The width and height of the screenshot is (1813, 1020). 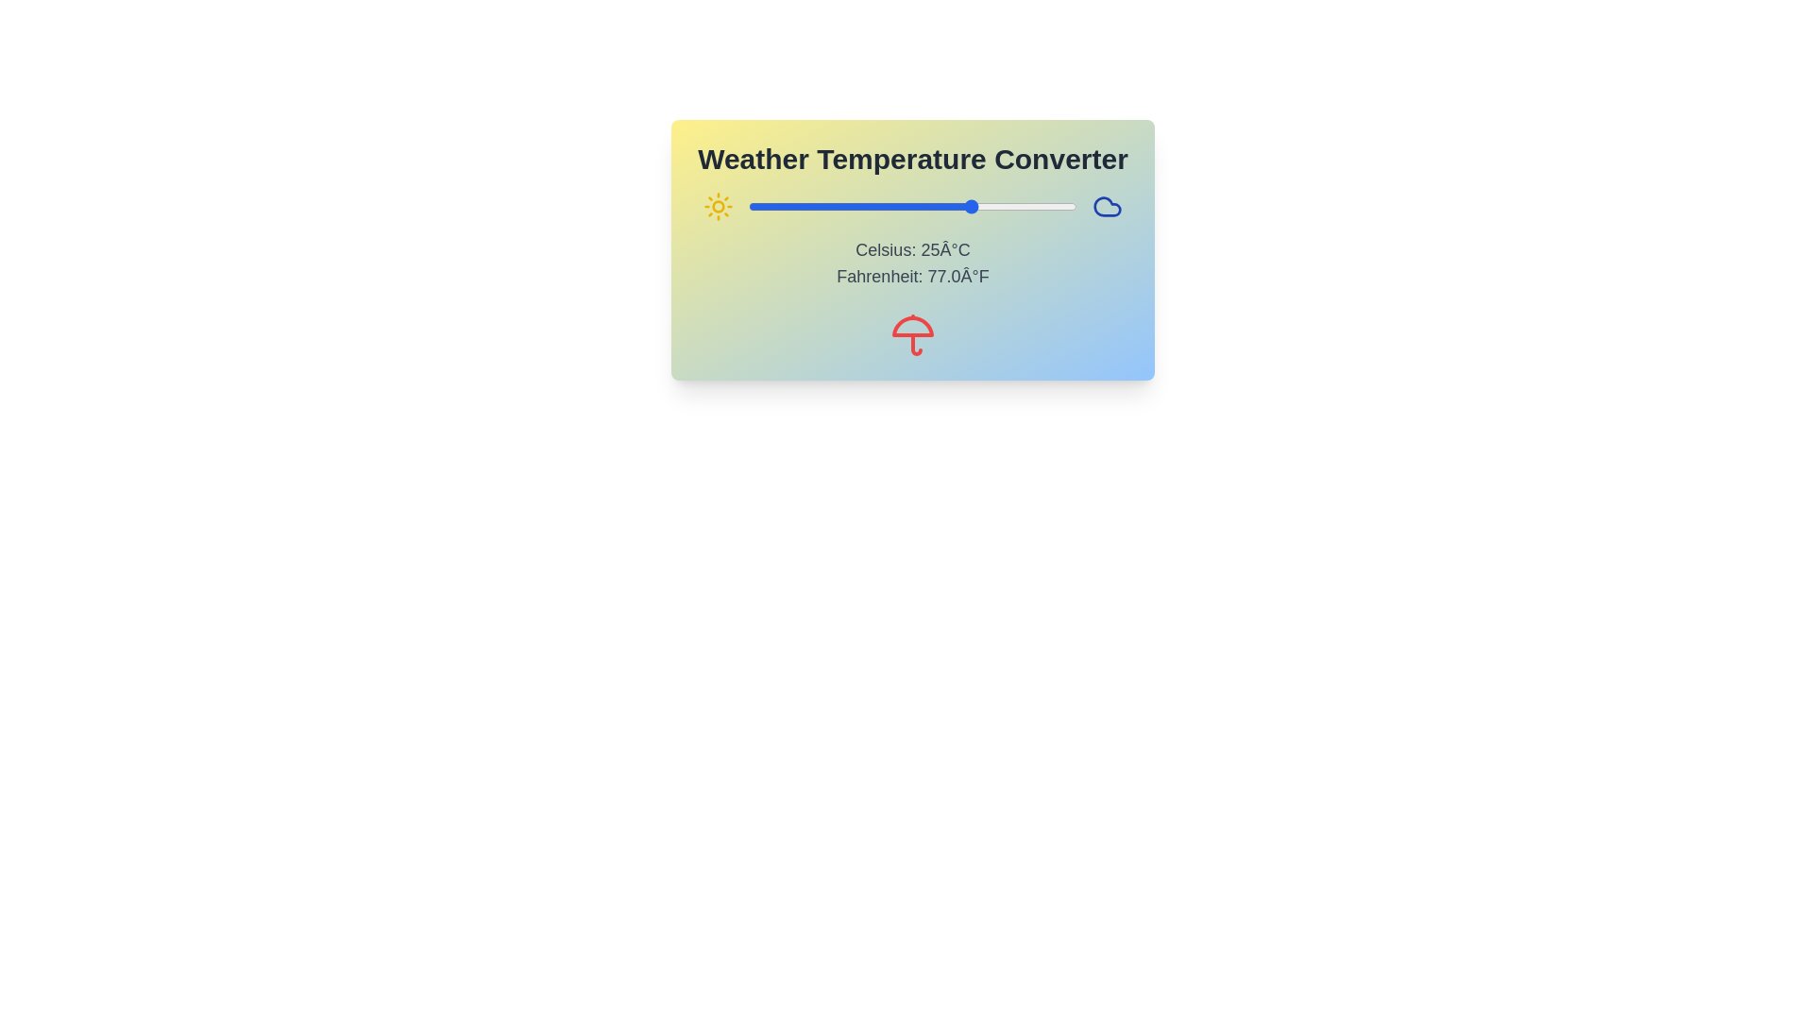 What do you see at coordinates (777, 207) in the screenshot?
I see `the temperature slider to set the Celsius value to -23` at bounding box center [777, 207].